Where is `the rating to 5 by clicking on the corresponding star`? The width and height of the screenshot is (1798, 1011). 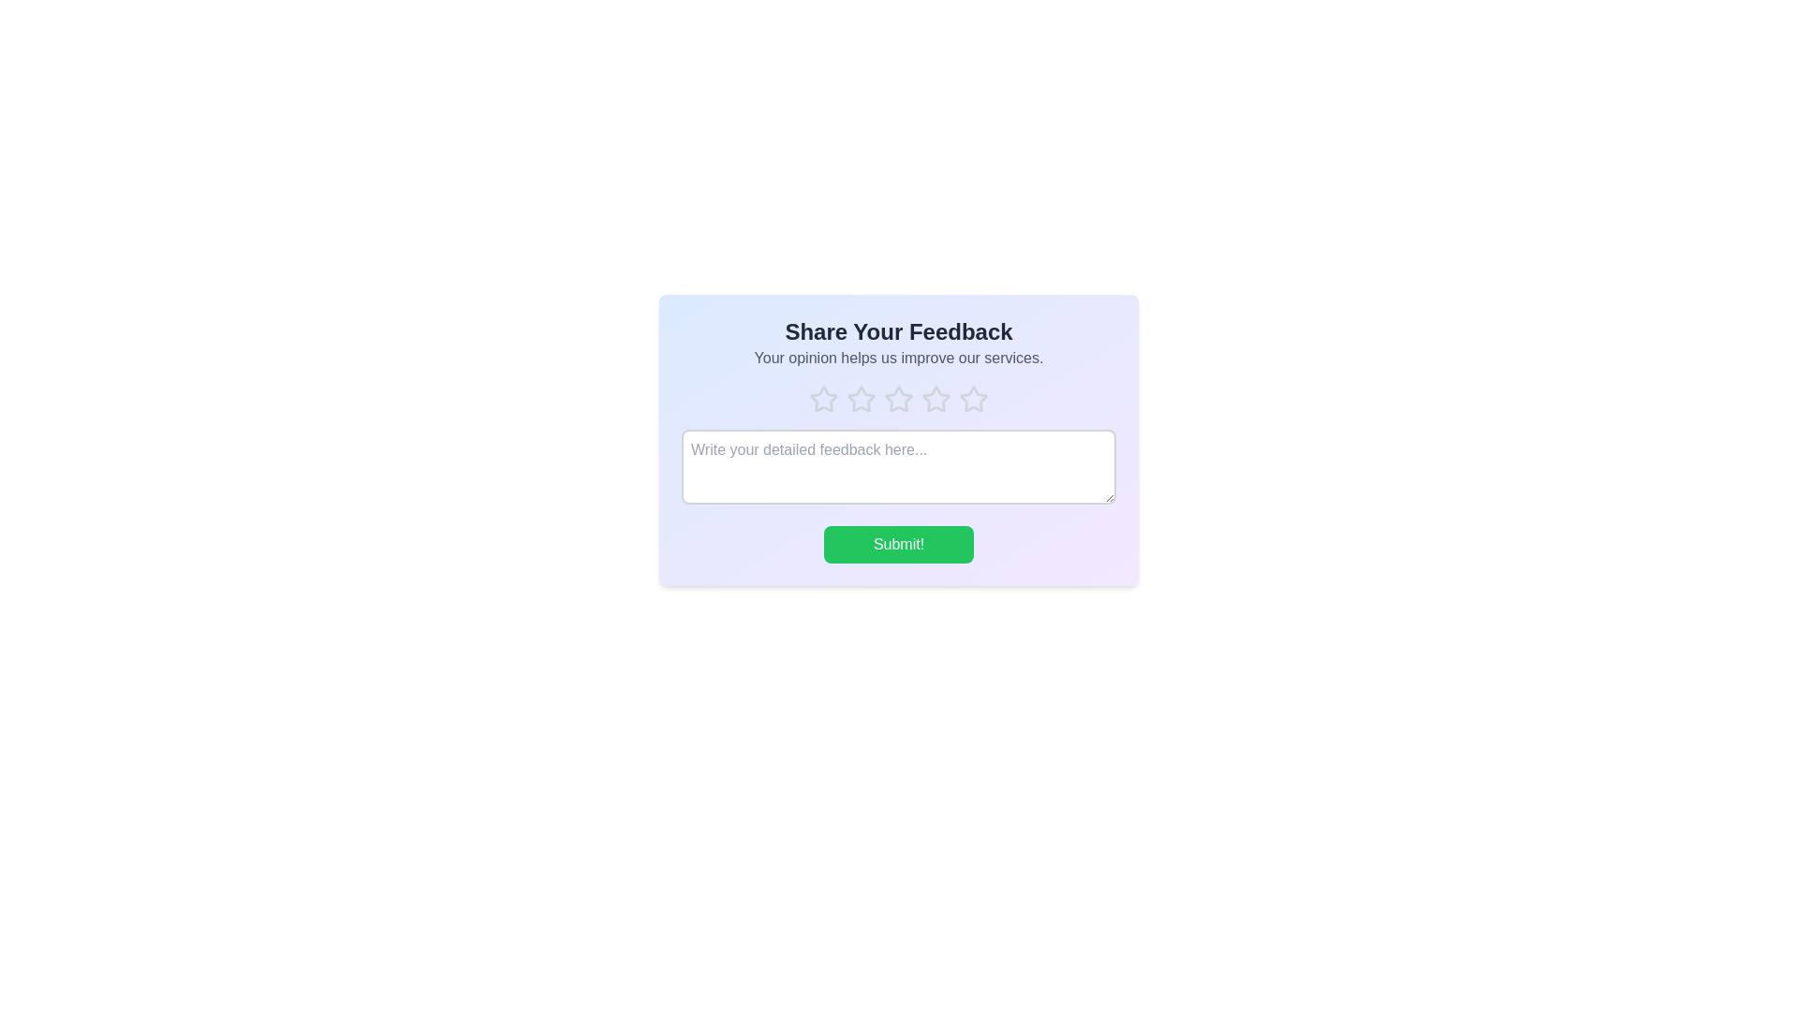 the rating to 5 by clicking on the corresponding star is located at coordinates (974, 399).